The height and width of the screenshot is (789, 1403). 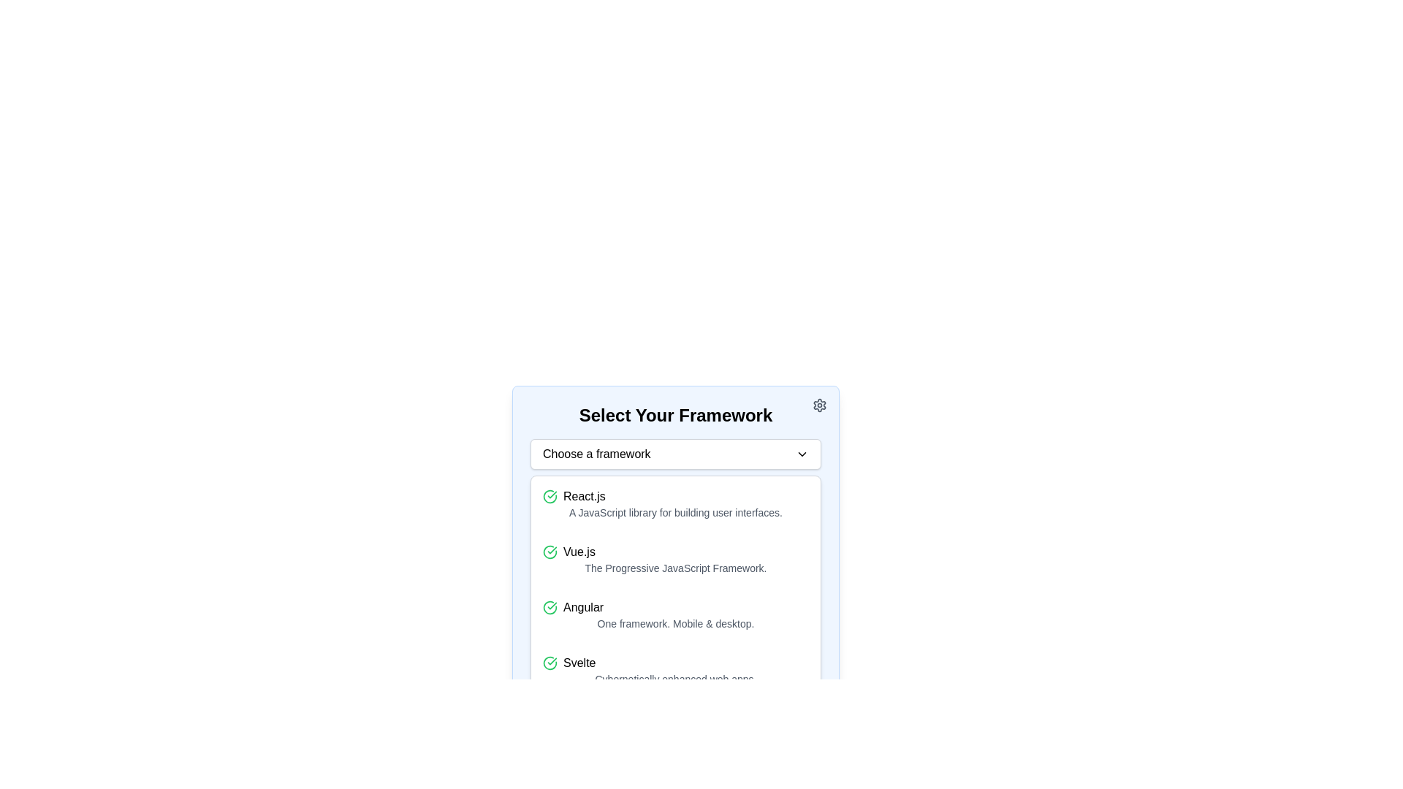 I want to click on the dropdown menu labeled 'Choose a framework', so click(x=675, y=453).